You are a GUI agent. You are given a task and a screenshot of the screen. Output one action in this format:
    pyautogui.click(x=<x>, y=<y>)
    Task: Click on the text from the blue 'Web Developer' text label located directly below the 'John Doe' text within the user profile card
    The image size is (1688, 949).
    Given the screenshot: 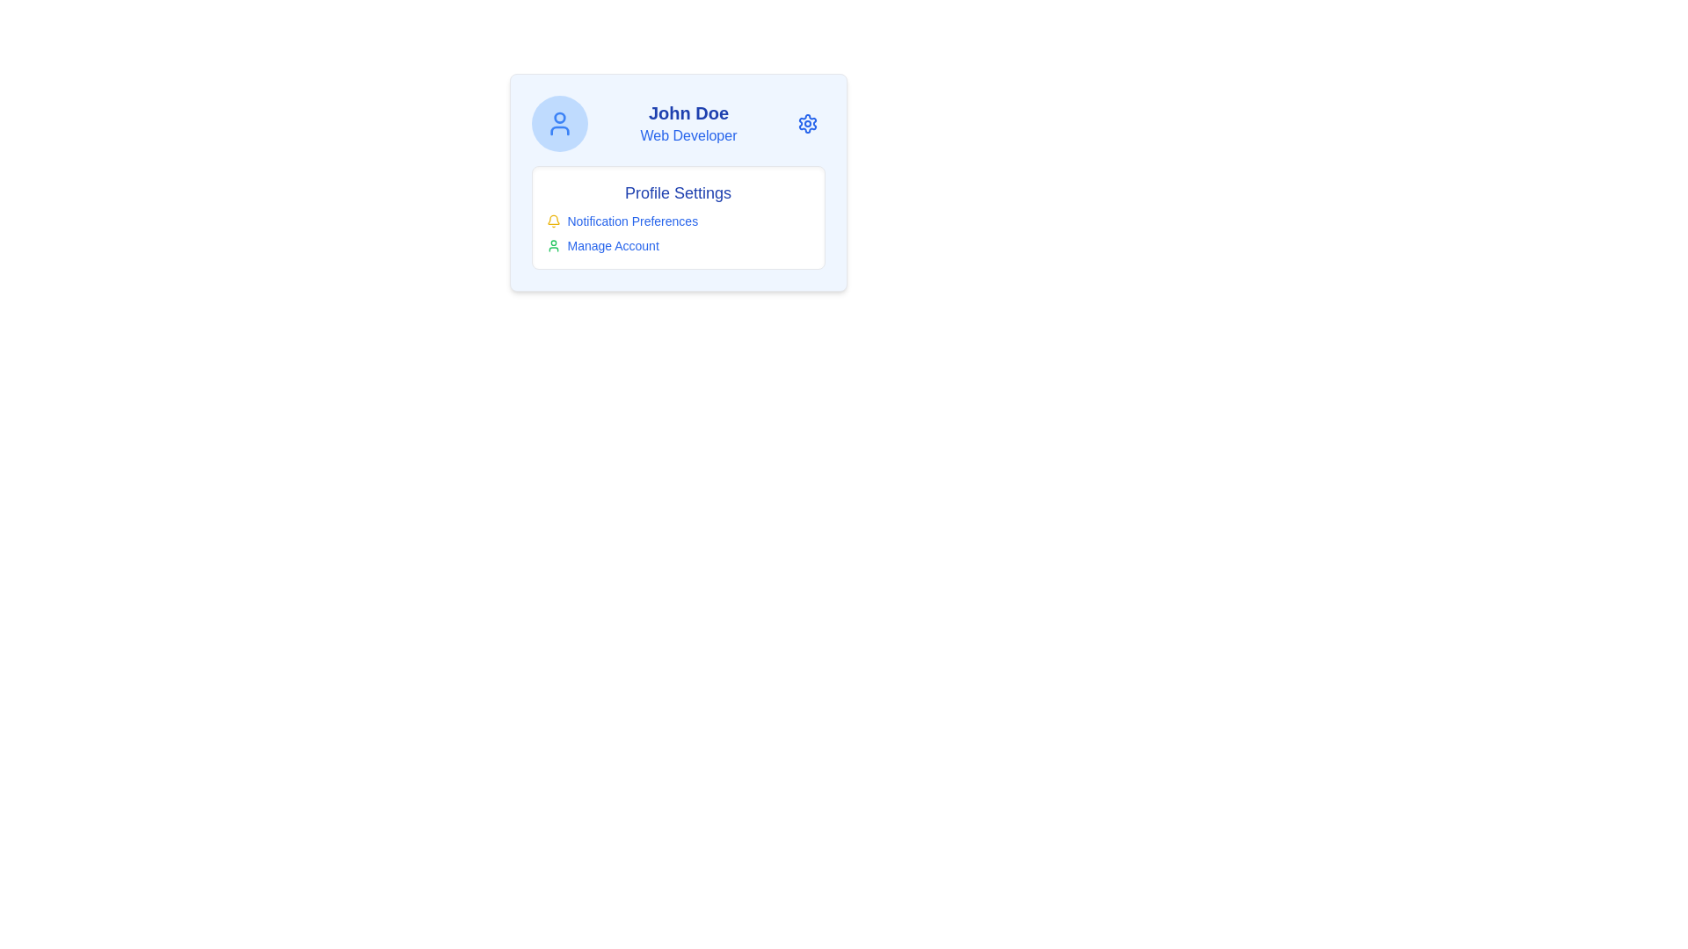 What is the action you would take?
    pyautogui.click(x=688, y=134)
    